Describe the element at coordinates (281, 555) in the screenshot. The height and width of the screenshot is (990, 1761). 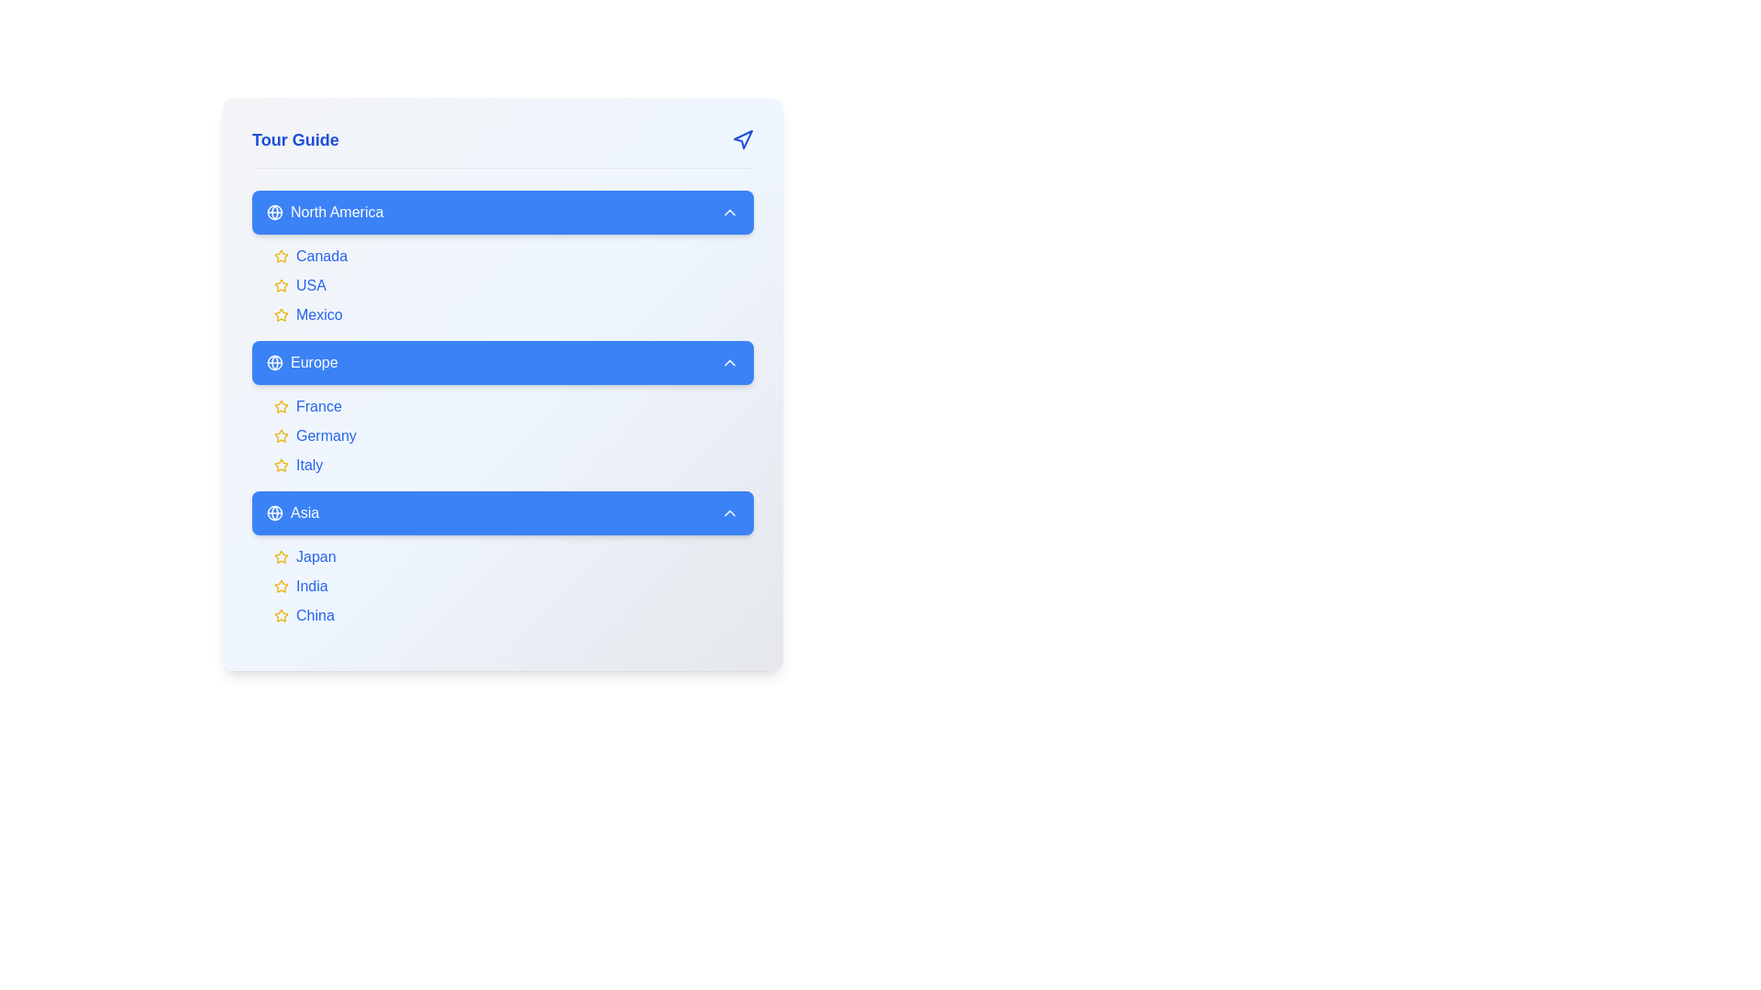
I see `the star icon located to the left of the text label 'Japan' in the 'Asia' menu section` at that location.